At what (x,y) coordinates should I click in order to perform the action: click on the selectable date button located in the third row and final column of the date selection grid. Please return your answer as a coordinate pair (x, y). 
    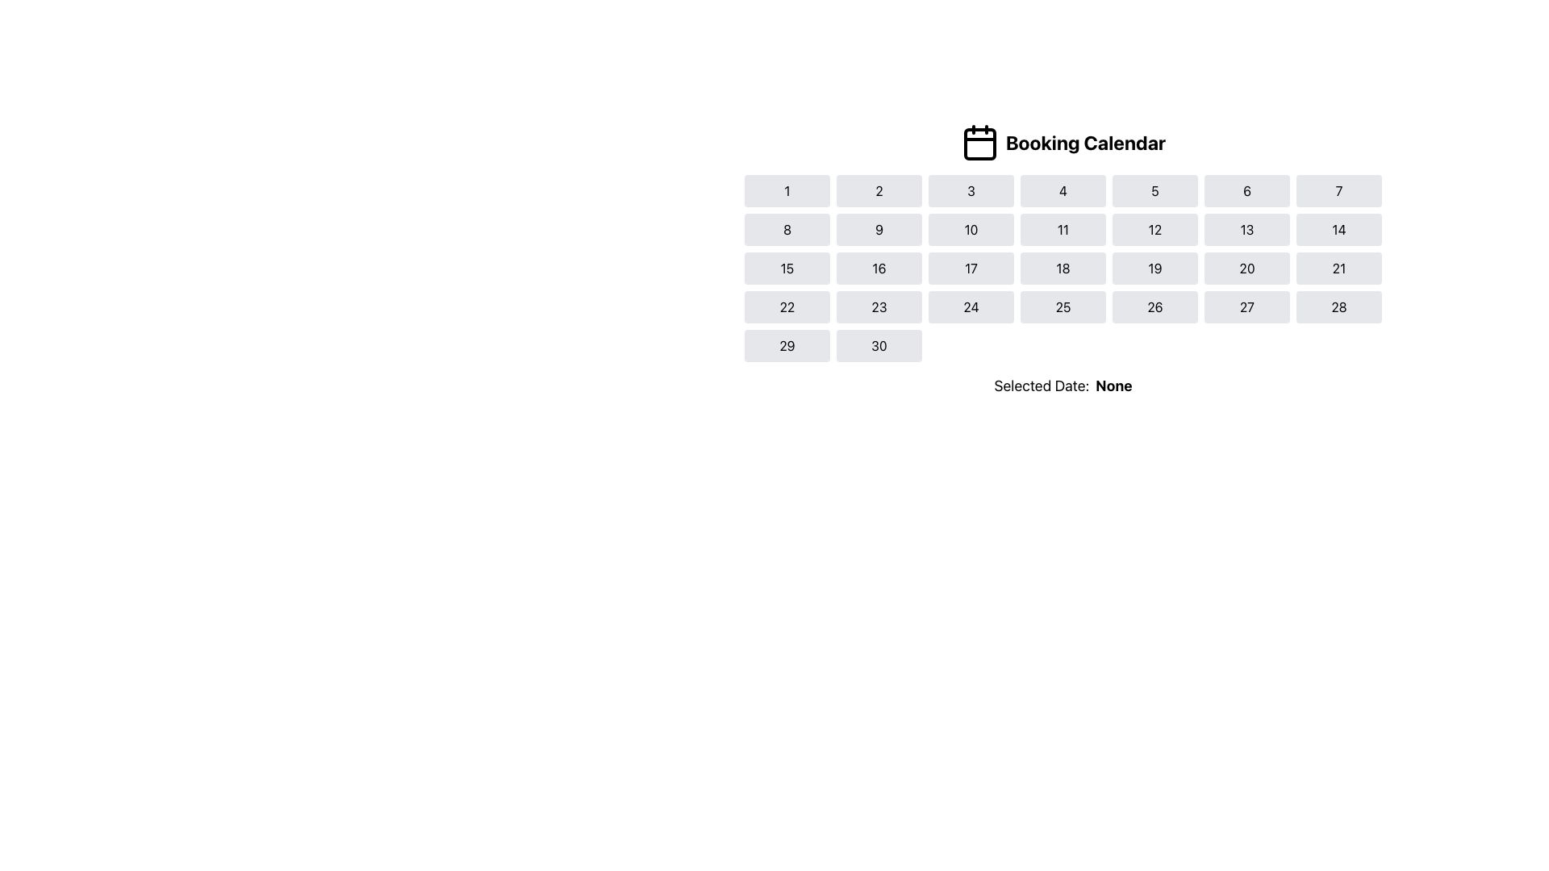
    Looking at the image, I should click on (1339, 267).